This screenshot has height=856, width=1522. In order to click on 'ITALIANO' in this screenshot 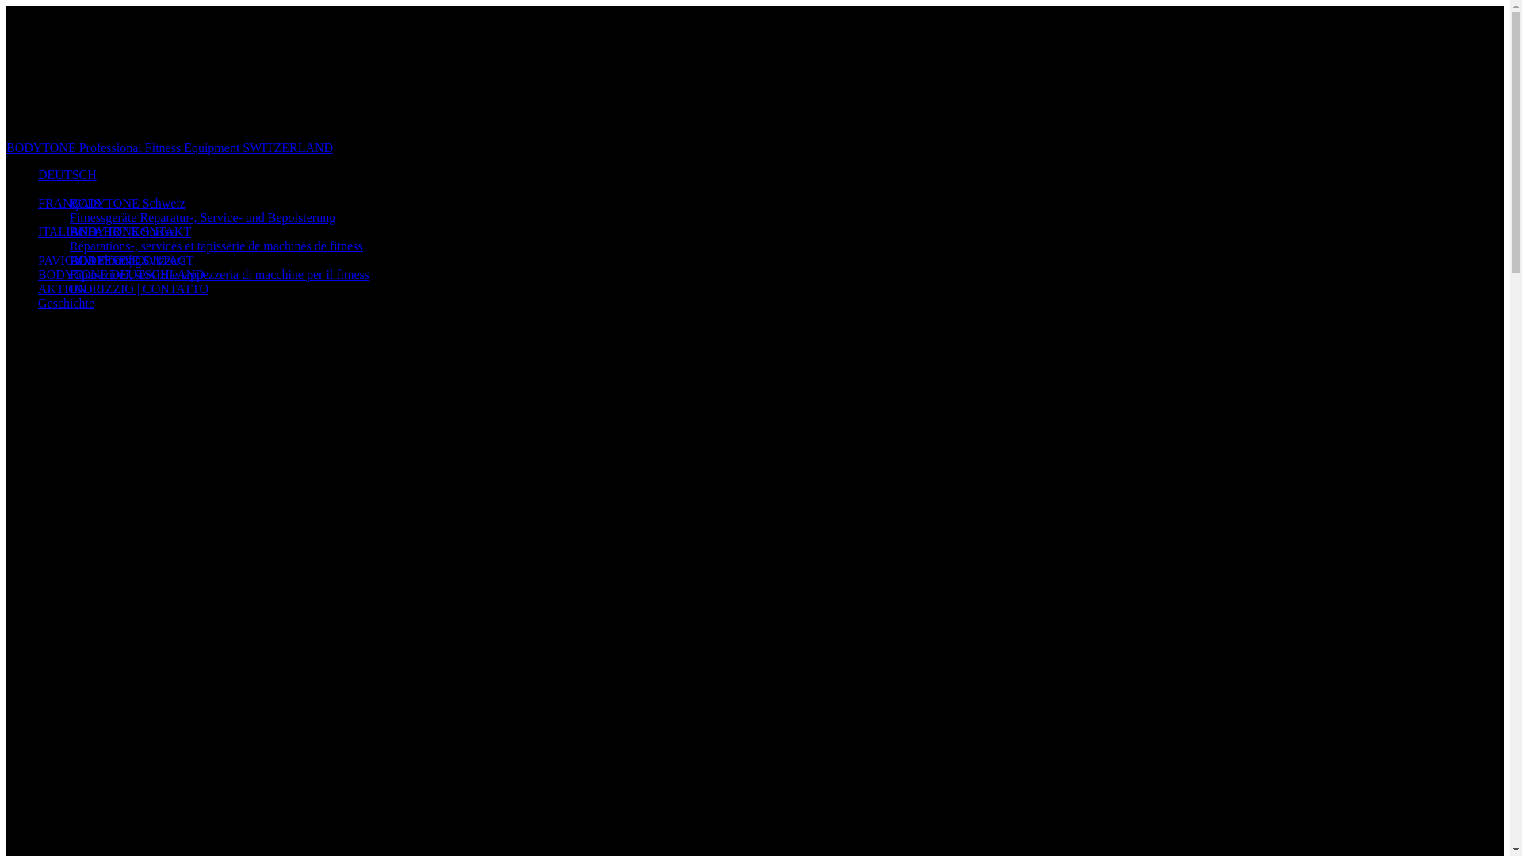, I will do `click(67, 231)`.